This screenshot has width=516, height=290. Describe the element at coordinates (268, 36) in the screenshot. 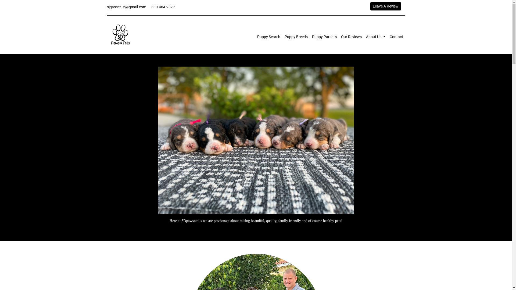

I see `'Puppy Search'` at that location.